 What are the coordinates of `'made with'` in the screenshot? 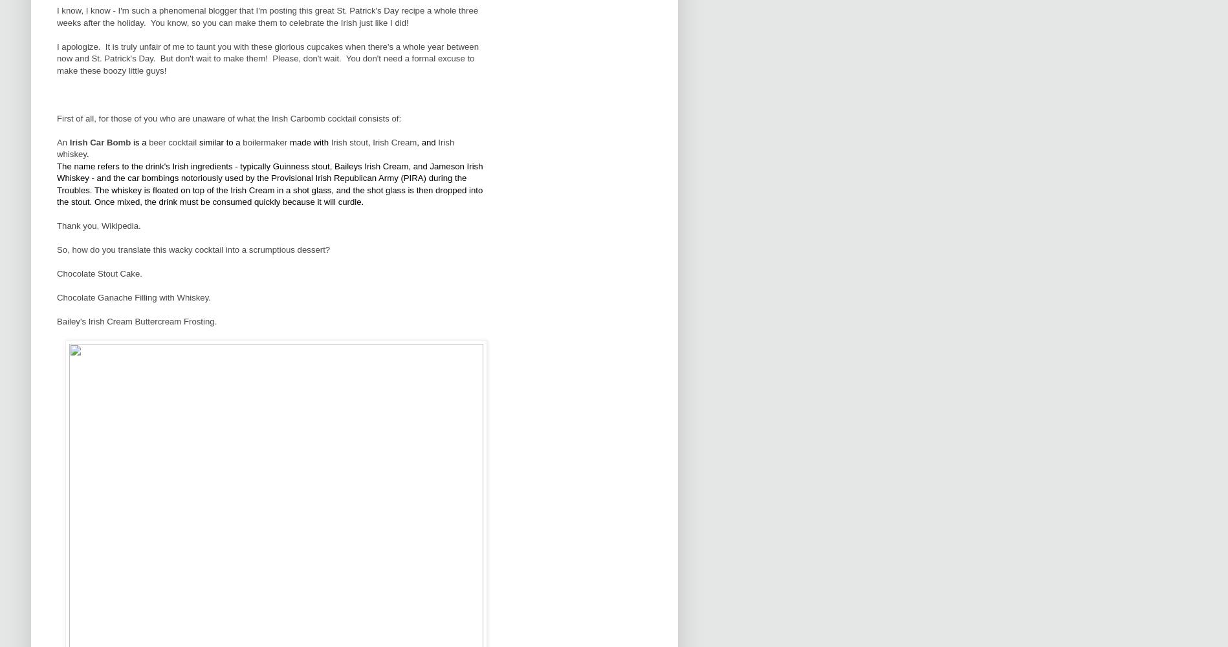 It's located at (308, 141).